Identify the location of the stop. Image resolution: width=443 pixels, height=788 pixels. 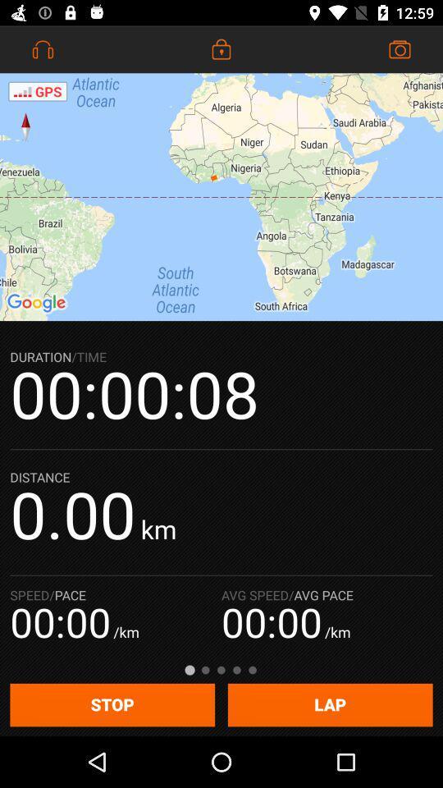
(112, 704).